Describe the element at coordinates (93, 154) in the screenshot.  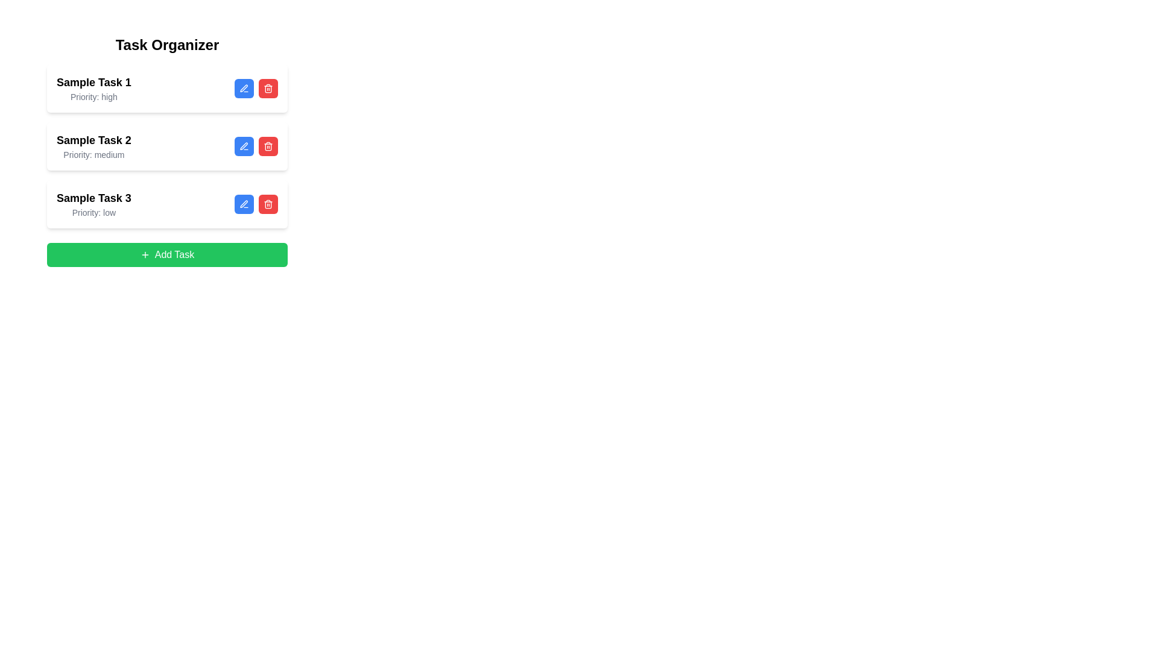
I see `informational text label displaying the priority level for 'Sample Task 2', located directly below the title within the task card layout` at that location.